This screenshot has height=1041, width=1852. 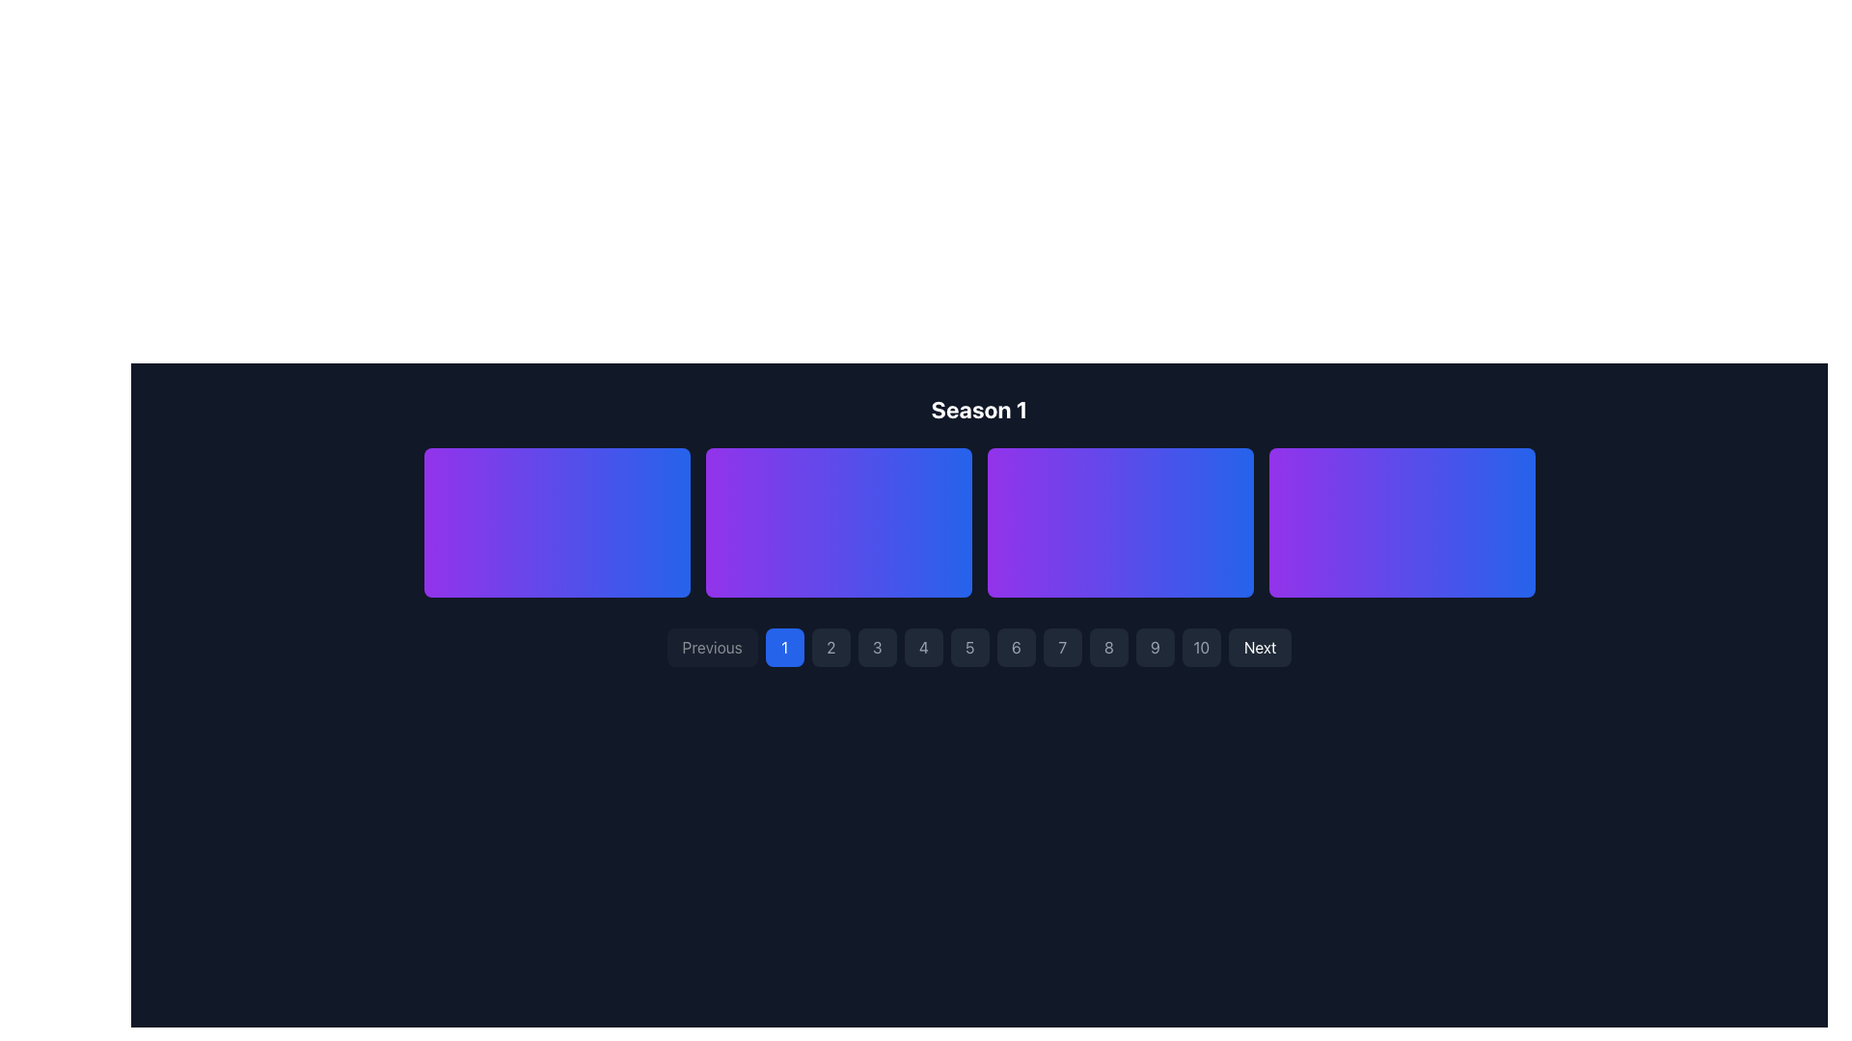 I want to click on the text label displaying 'Season 1', which is a prominent heading in bold white font on a dark background, located at the top center of the UI layout, so click(x=979, y=408).